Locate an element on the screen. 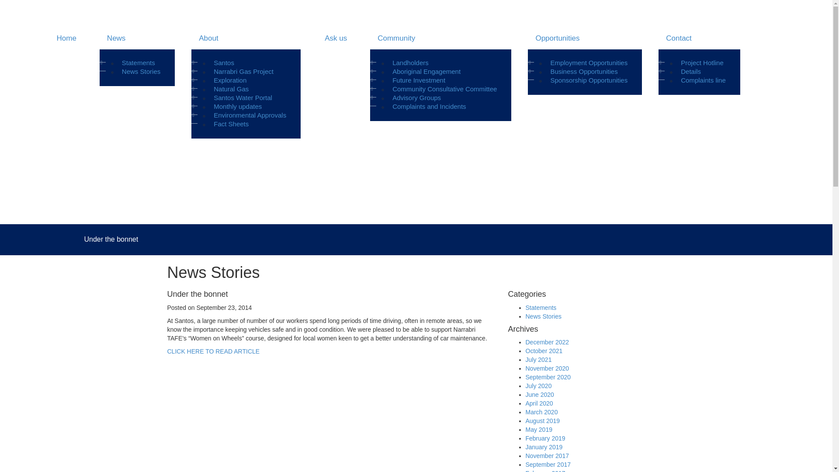  'Project Hotline' is located at coordinates (702, 62).